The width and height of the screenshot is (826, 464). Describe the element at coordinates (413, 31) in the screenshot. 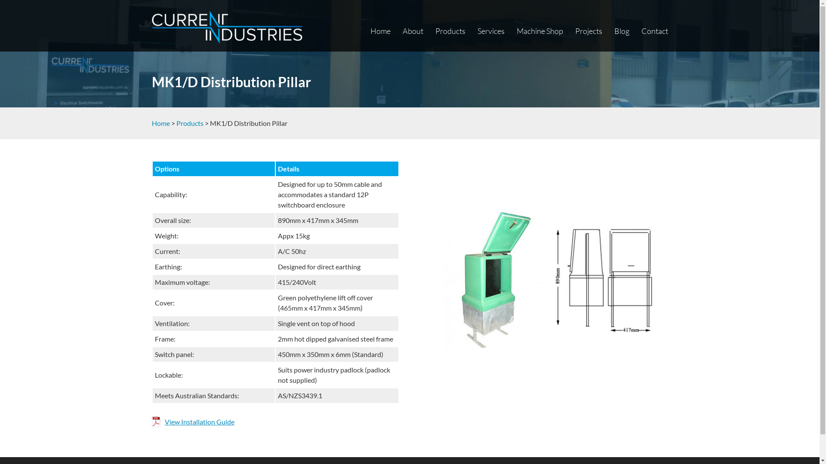

I see `'About'` at that location.